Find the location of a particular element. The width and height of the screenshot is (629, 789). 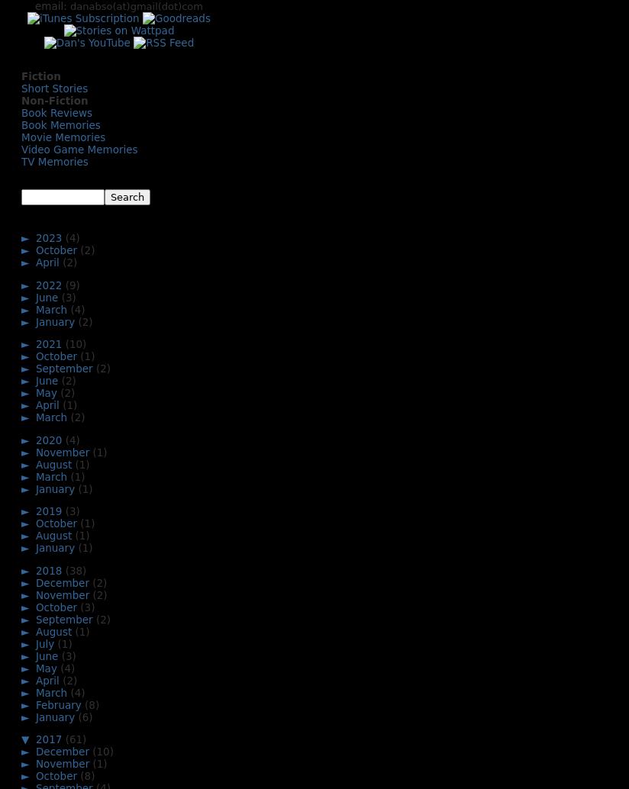

'2018' is located at coordinates (50, 569).